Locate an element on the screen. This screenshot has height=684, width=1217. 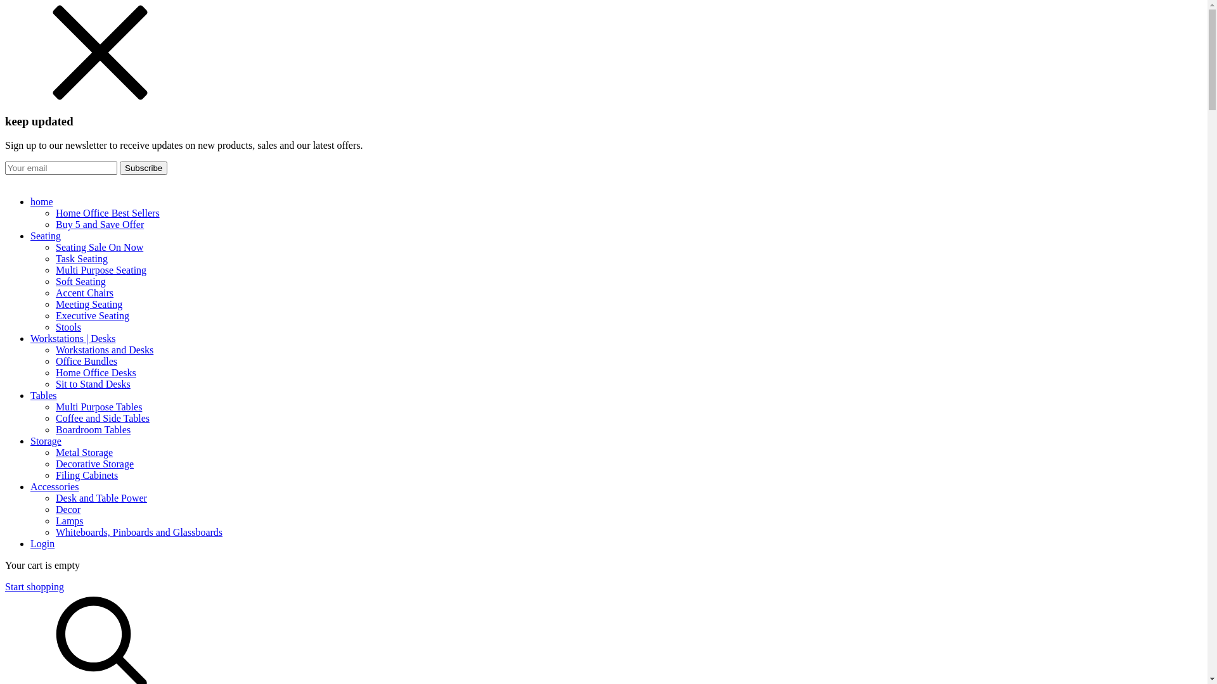
'Boardroom Tables' is located at coordinates (93, 429).